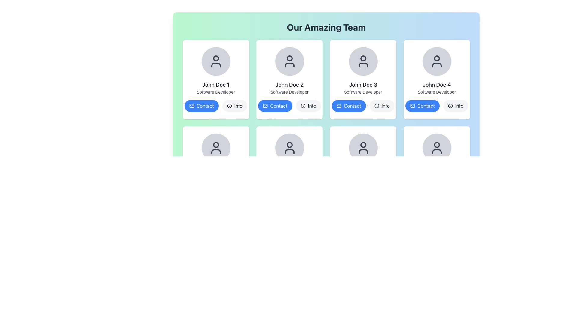 This screenshot has height=324, width=577. What do you see at coordinates (216, 61) in the screenshot?
I see `the Profile Avatar representing 'John Doe 1' located at the top-center of the profile card in the 'Our Amazing Team' section` at bounding box center [216, 61].